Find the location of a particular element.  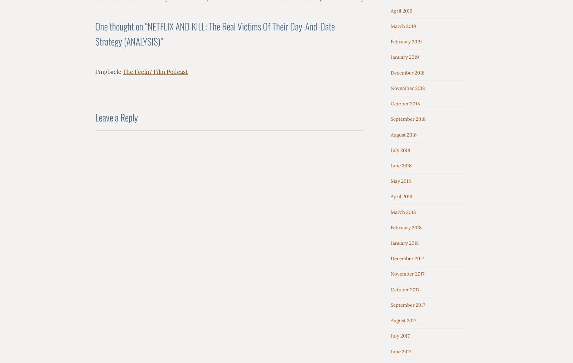

'April 2018' is located at coordinates (401, 196).